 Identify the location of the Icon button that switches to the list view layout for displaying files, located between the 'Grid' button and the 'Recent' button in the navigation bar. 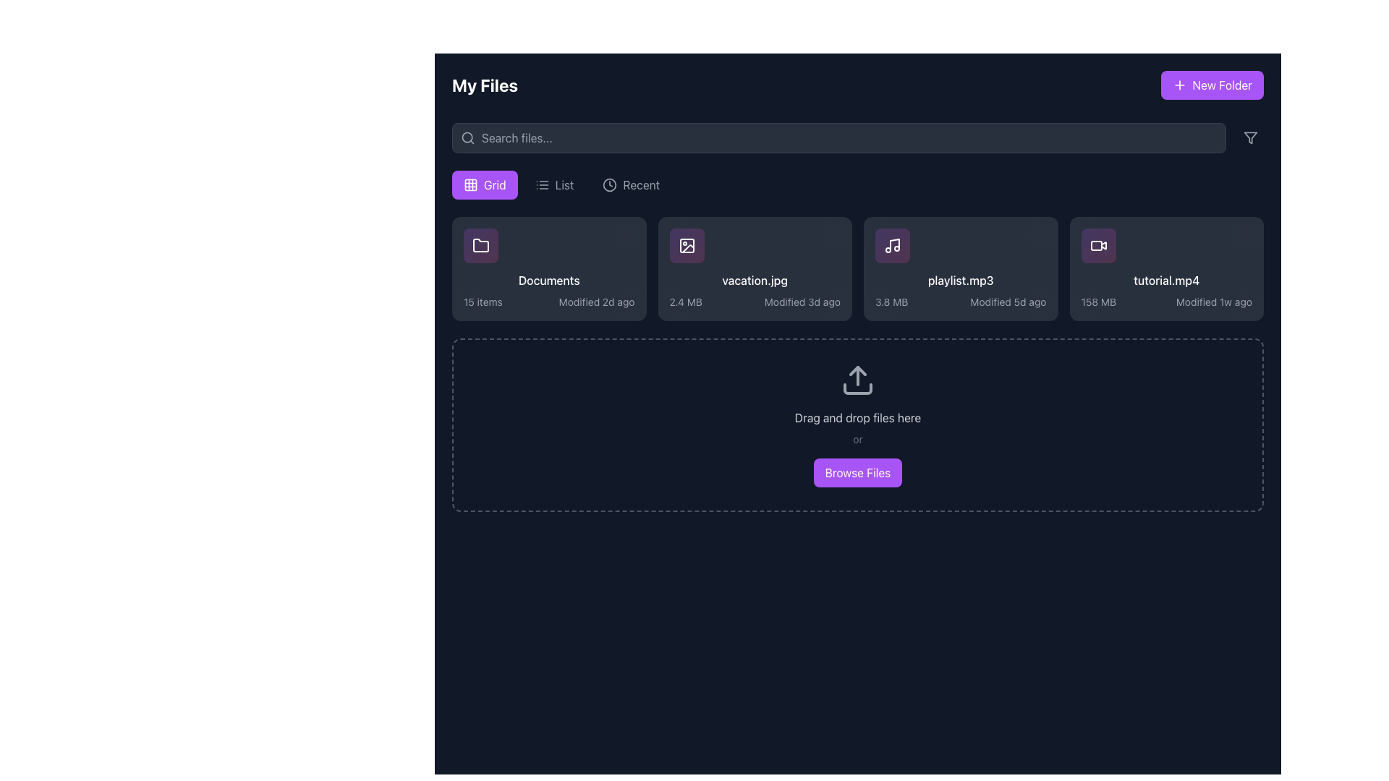
(541, 184).